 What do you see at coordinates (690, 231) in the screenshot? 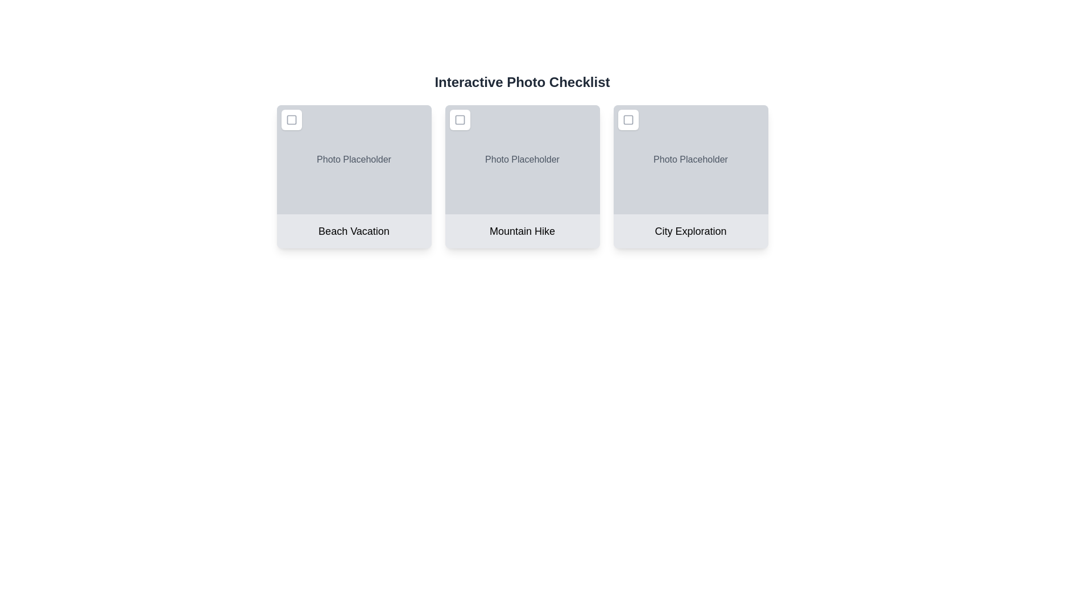
I see `the Text Label that describes the theme or title of the card, located at the bottom section of the third card in a horizontal sequence of three cards` at bounding box center [690, 231].